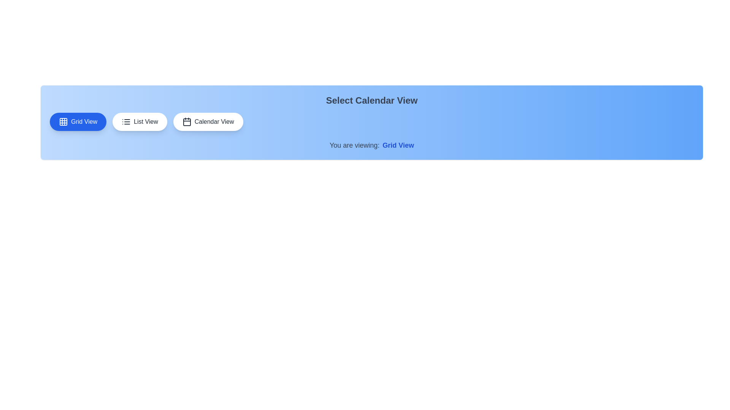 This screenshot has width=730, height=410. I want to click on the button labeled List View to observe its hover effect, so click(140, 121).